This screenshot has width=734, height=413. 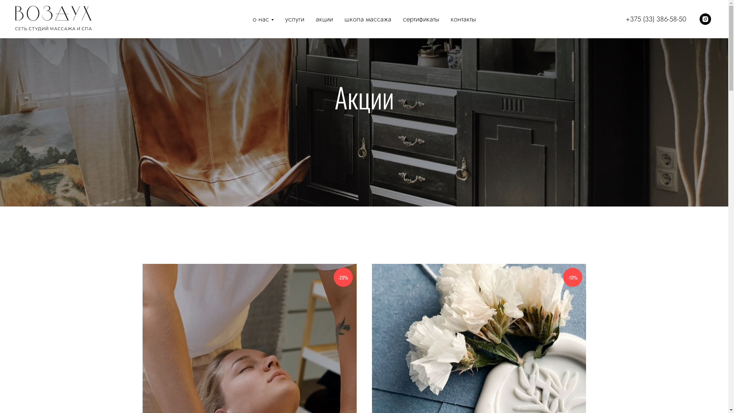 I want to click on '+375 (33) 386-58-50', so click(x=656, y=19).